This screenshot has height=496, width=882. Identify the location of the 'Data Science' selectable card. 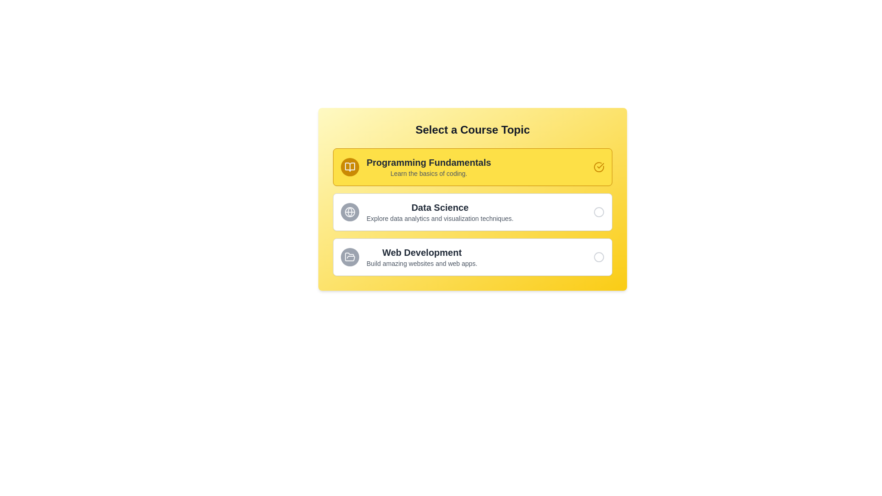
(472, 212).